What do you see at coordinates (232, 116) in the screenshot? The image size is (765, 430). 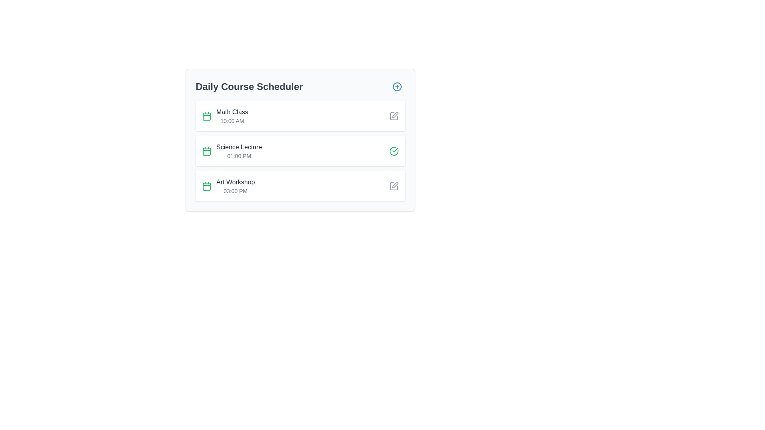 I see `the textual display element that signifies the scheduled event 'Math Class' at 10:00 AM, located in the Daily Course Scheduler section` at bounding box center [232, 116].